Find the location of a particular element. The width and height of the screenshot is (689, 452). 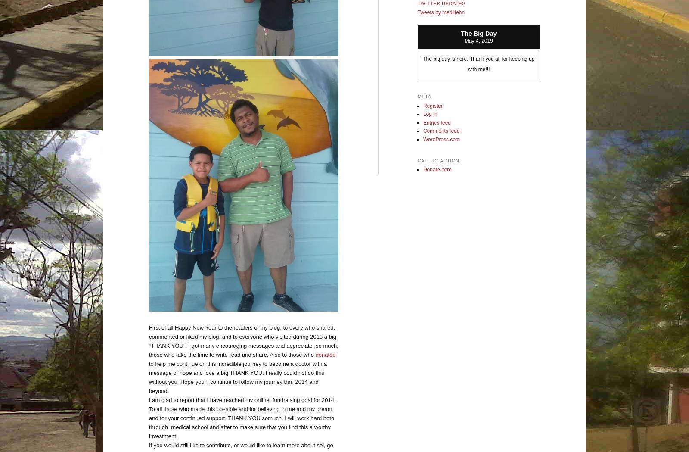

'Tweets by medlifehn' is located at coordinates (441, 12).